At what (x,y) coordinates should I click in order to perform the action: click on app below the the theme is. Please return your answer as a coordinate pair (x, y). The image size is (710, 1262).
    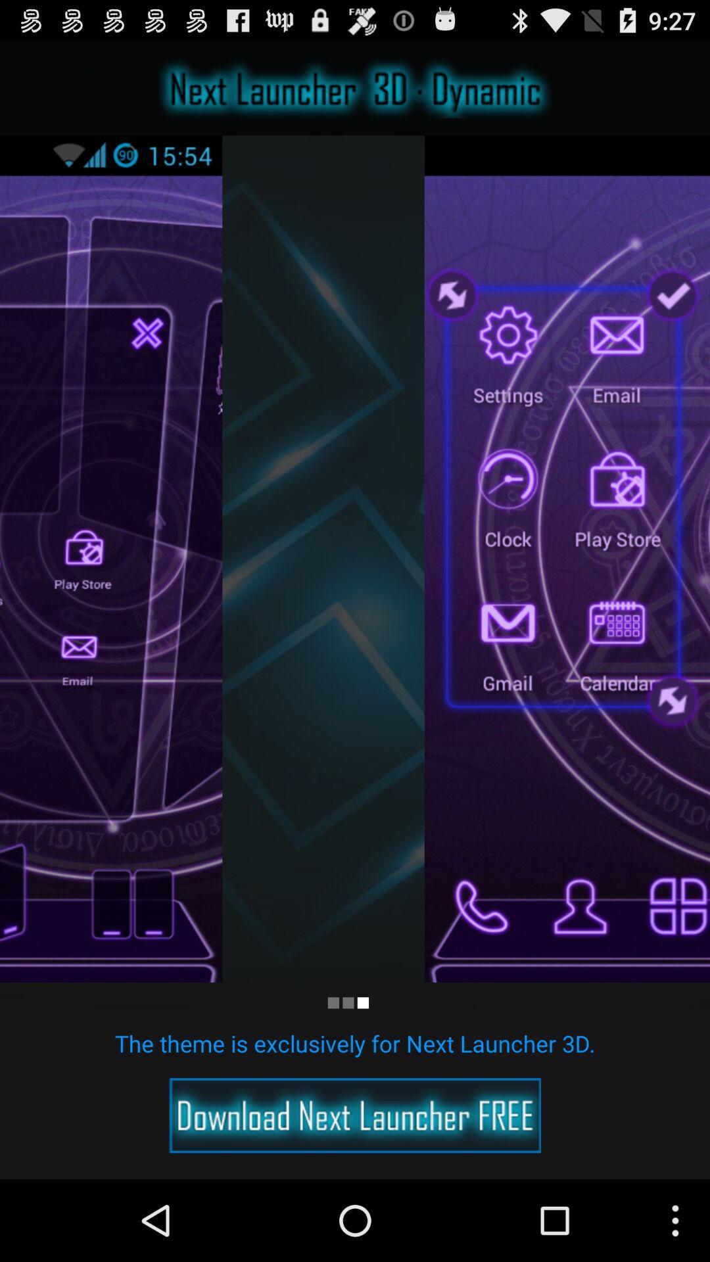
    Looking at the image, I should click on (355, 1115).